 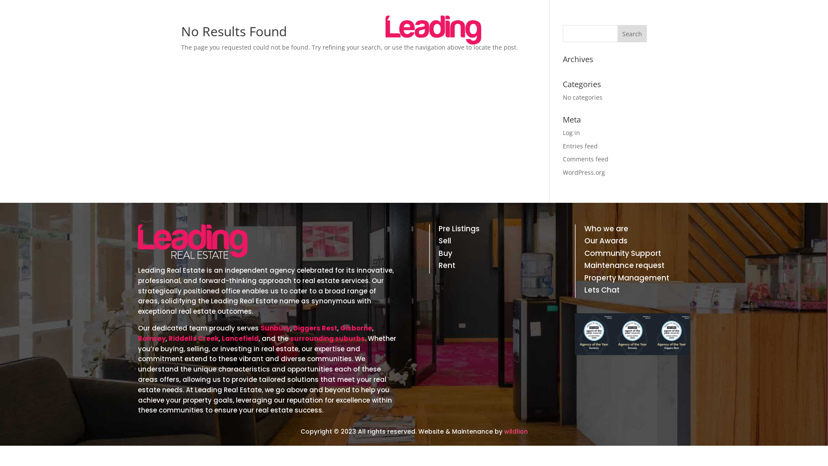 I want to click on 'Riddells Creek', so click(x=168, y=338).